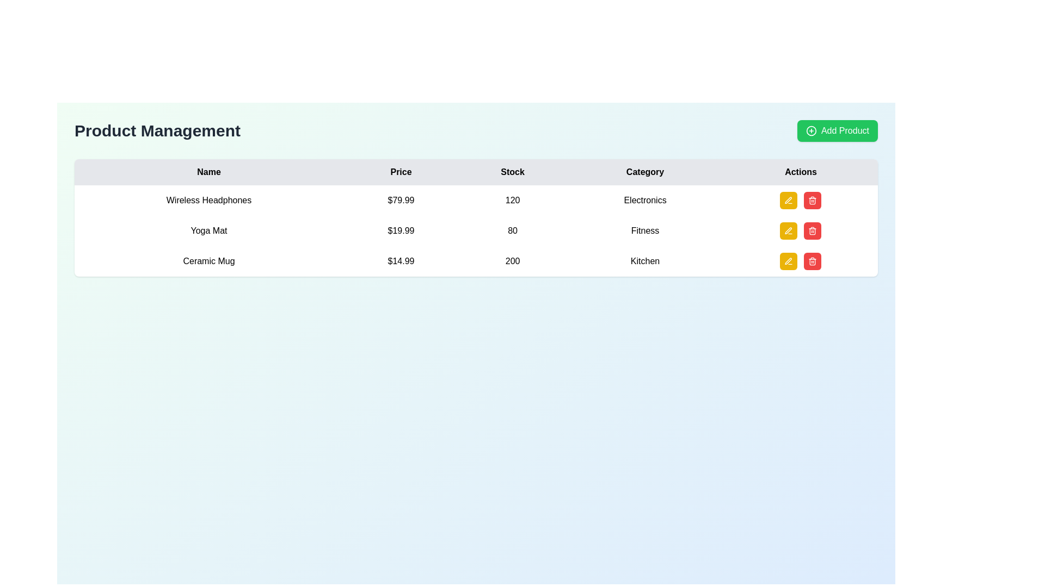 The height and width of the screenshot is (587, 1045). What do you see at coordinates (645, 171) in the screenshot?
I see `the header label for the 'Category' column in the table, which provides context for the data in that column` at bounding box center [645, 171].